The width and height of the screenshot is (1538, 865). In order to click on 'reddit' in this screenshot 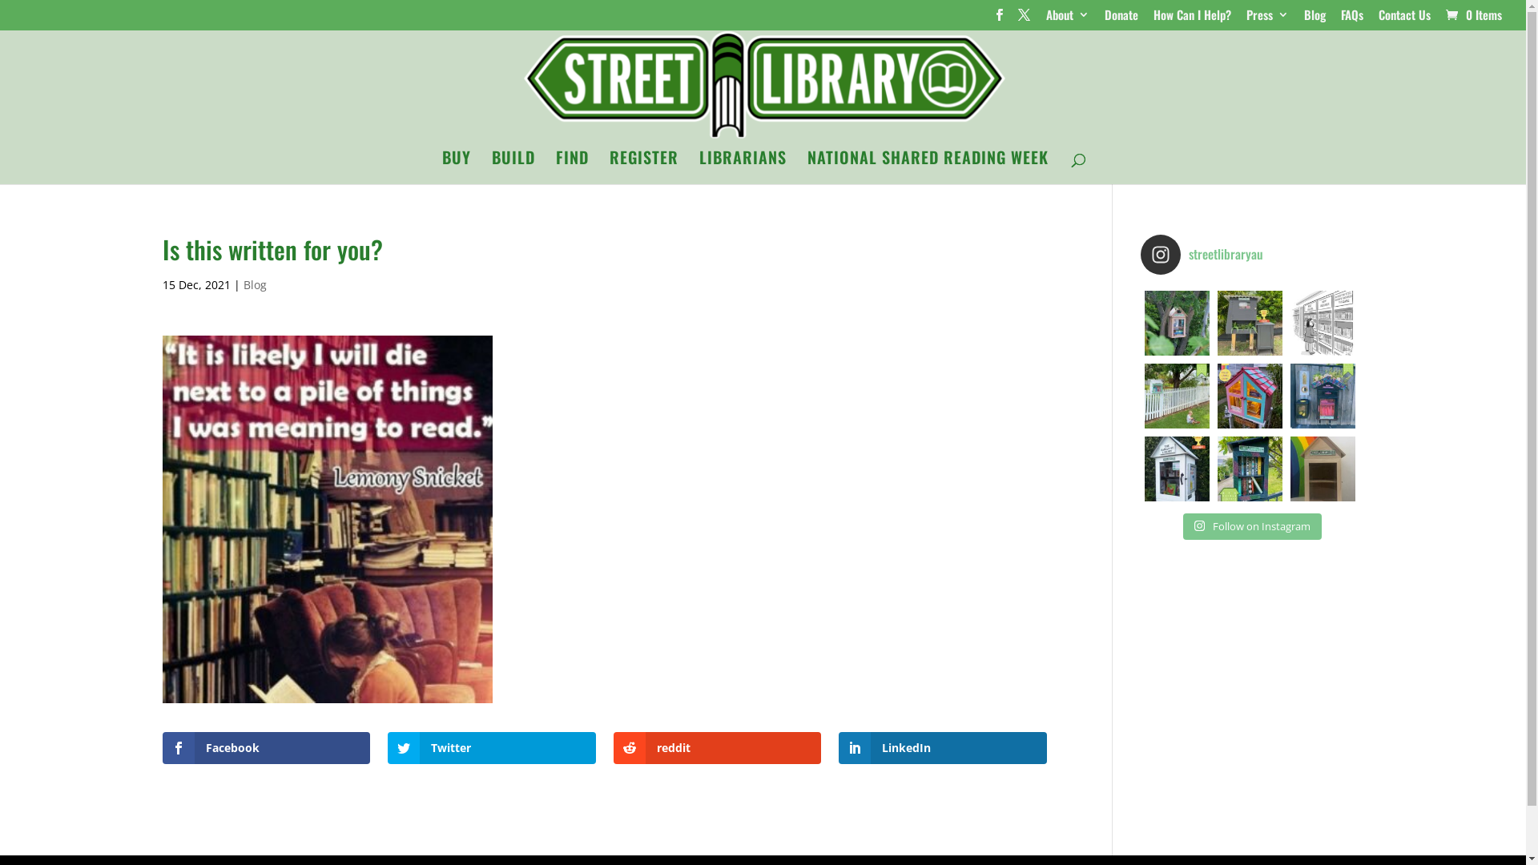, I will do `click(717, 747)`.